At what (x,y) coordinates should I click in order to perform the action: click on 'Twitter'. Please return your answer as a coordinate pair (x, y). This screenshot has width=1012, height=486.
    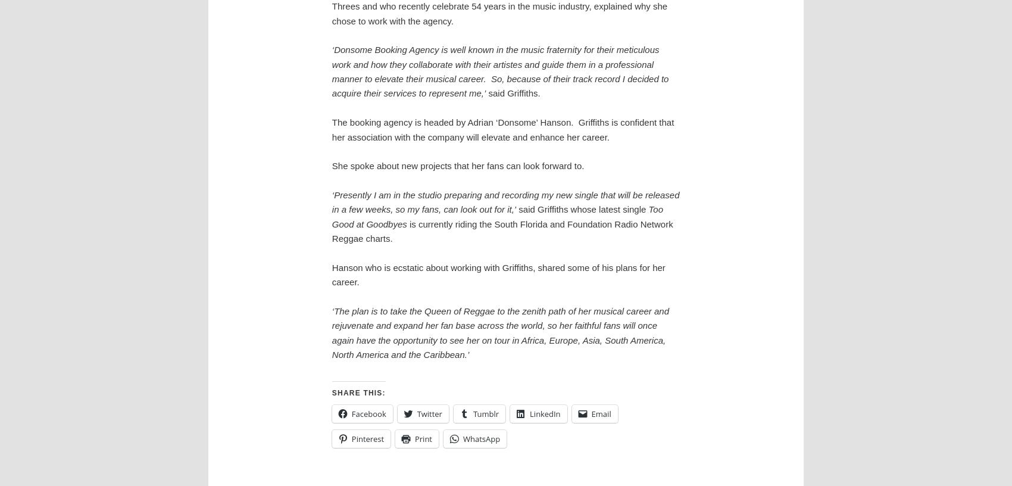
    Looking at the image, I should click on (417, 413).